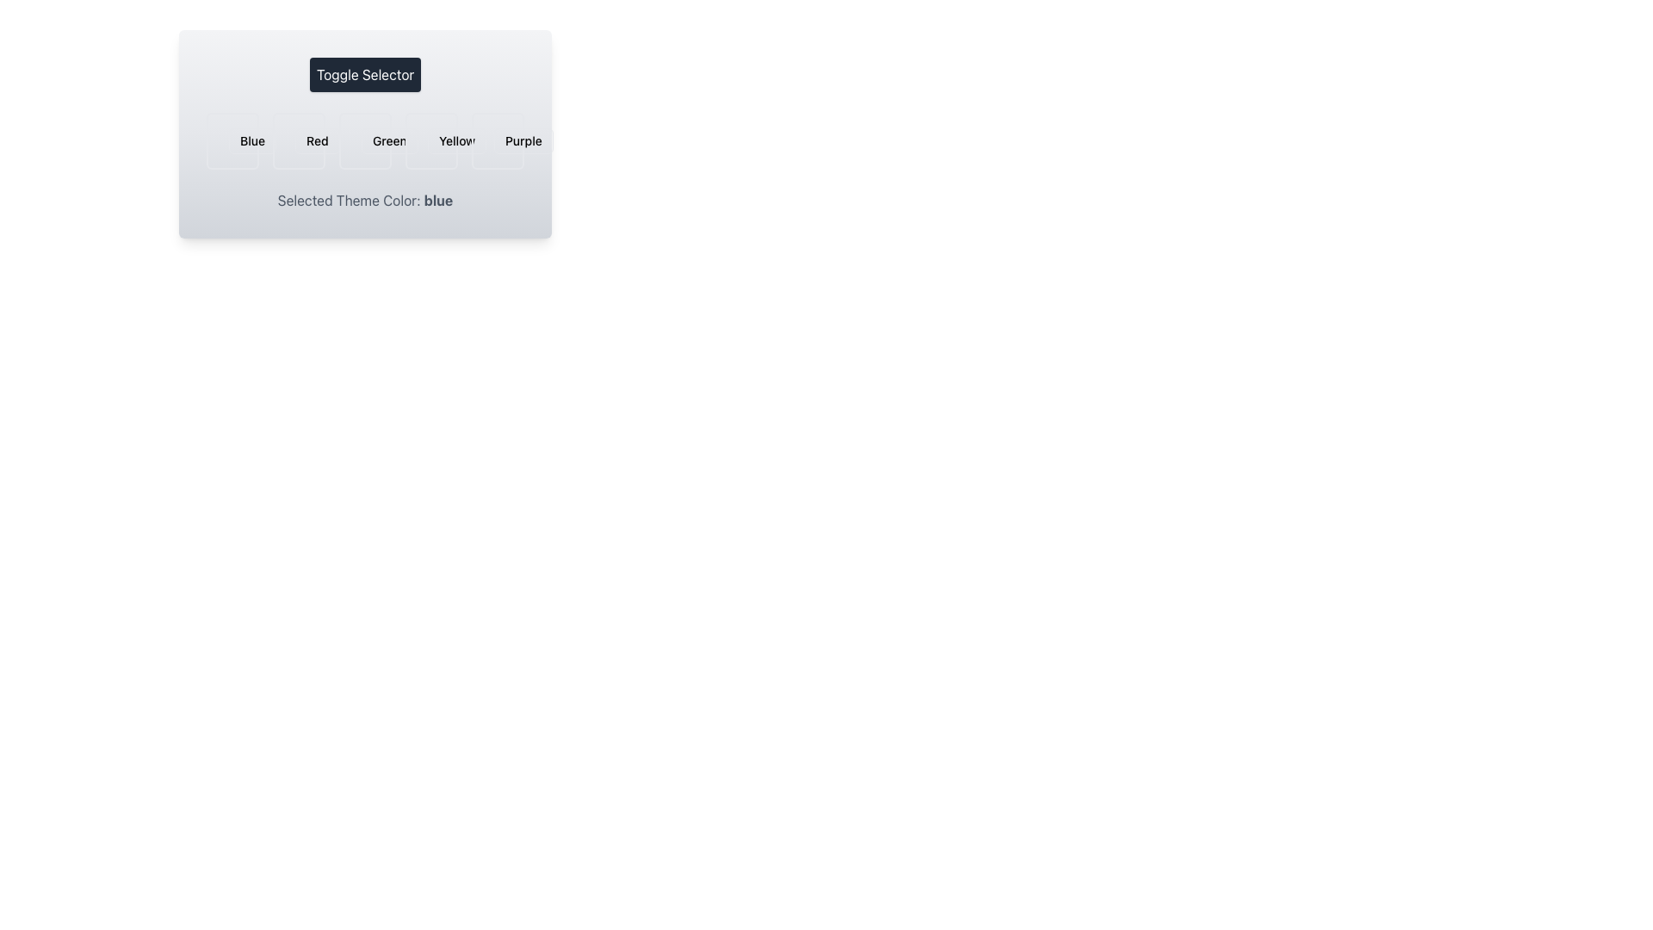 This screenshot has width=1653, height=930. What do you see at coordinates (523, 140) in the screenshot?
I see `the fifth button from the left in the horizontal layout of color selection buttons` at bounding box center [523, 140].